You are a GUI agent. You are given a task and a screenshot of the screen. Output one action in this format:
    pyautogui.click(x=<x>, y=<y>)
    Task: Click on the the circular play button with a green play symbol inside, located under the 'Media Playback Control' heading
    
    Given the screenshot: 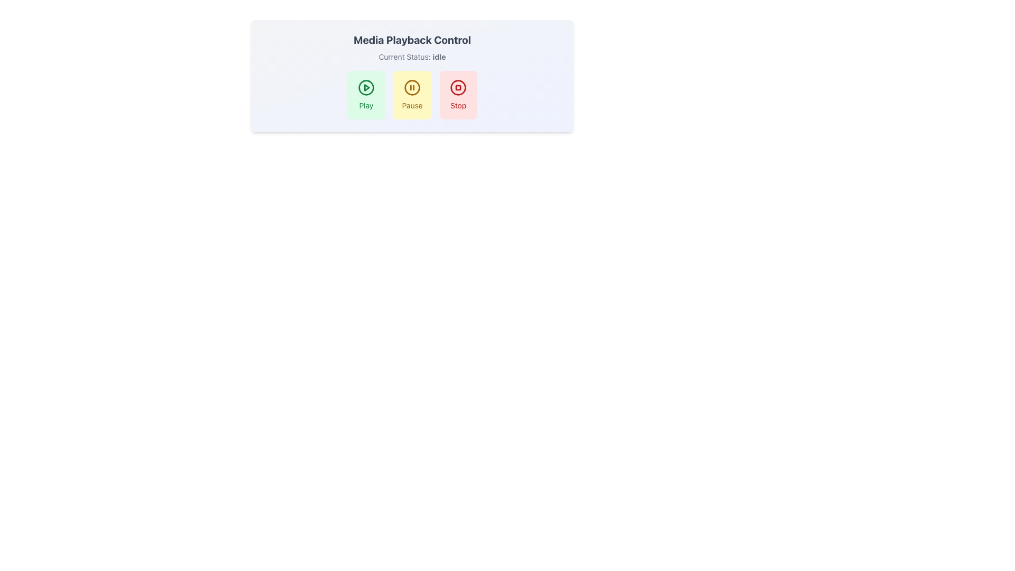 What is the action you would take?
    pyautogui.click(x=366, y=87)
    